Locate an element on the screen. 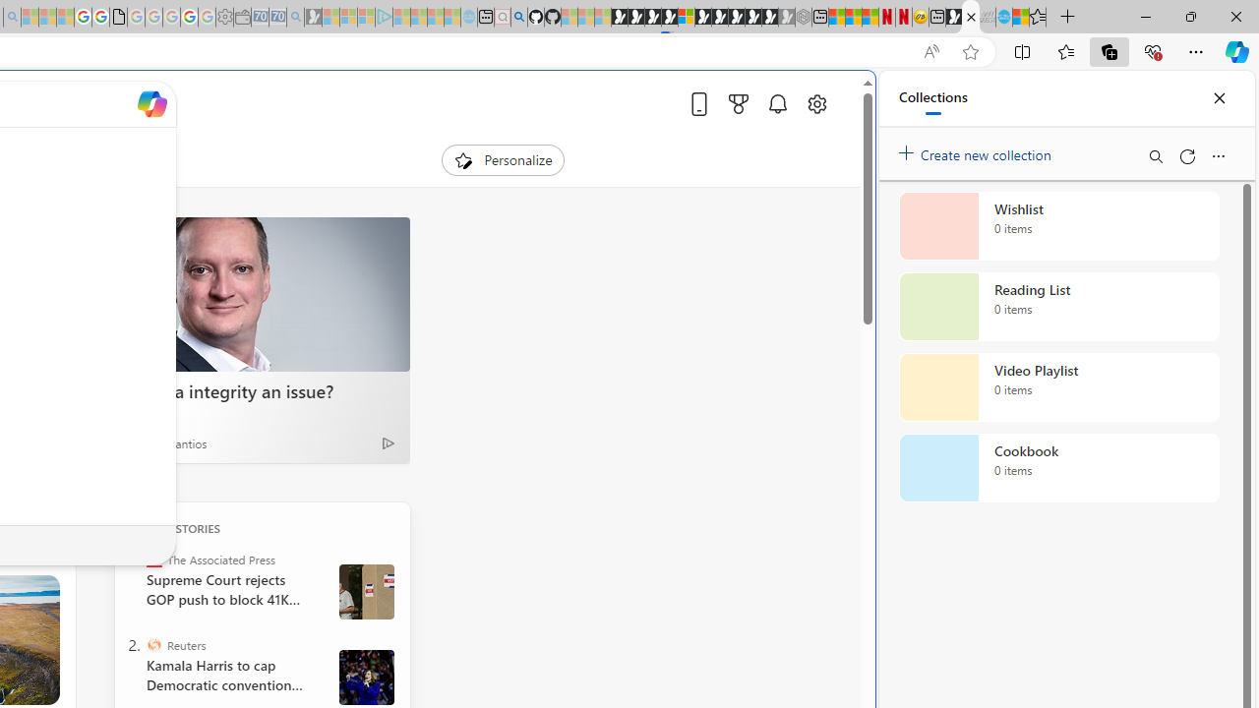  'Services - Maintenance | Sky Blue Bikes - Sky Blue Bikes' is located at coordinates (1003, 17).